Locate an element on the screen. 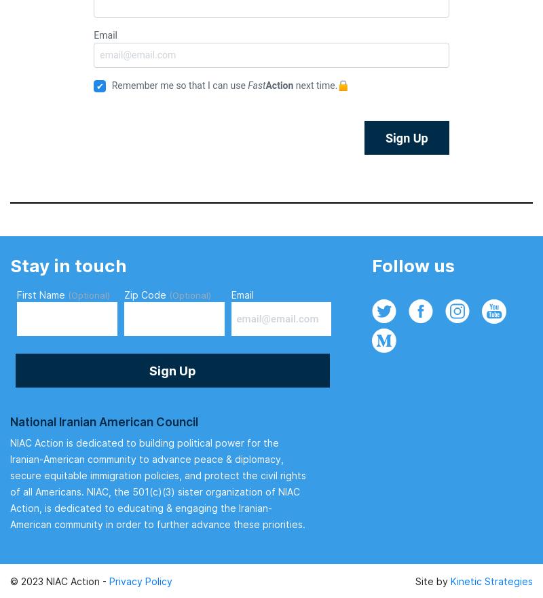 The width and height of the screenshot is (543, 598). 'Site by' is located at coordinates (432, 580).